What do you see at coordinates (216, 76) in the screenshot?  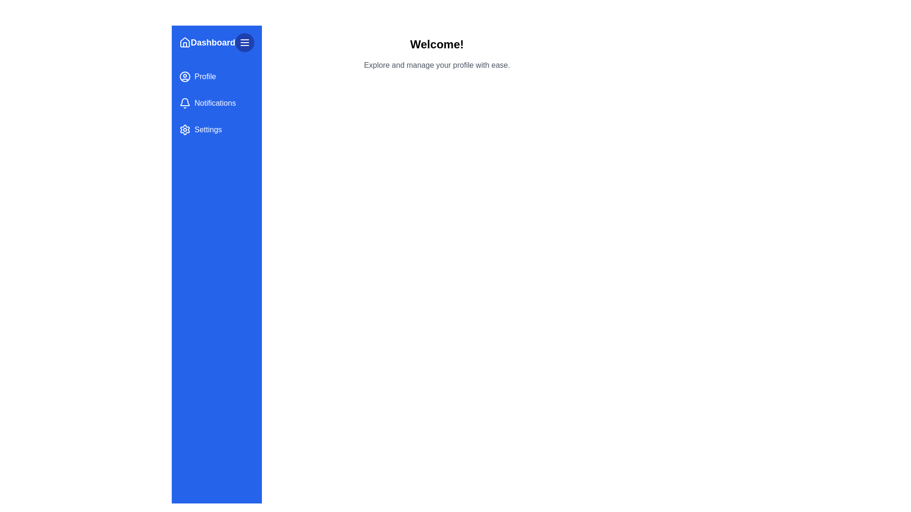 I see `the navigational button located in the blue sidebar` at bounding box center [216, 76].